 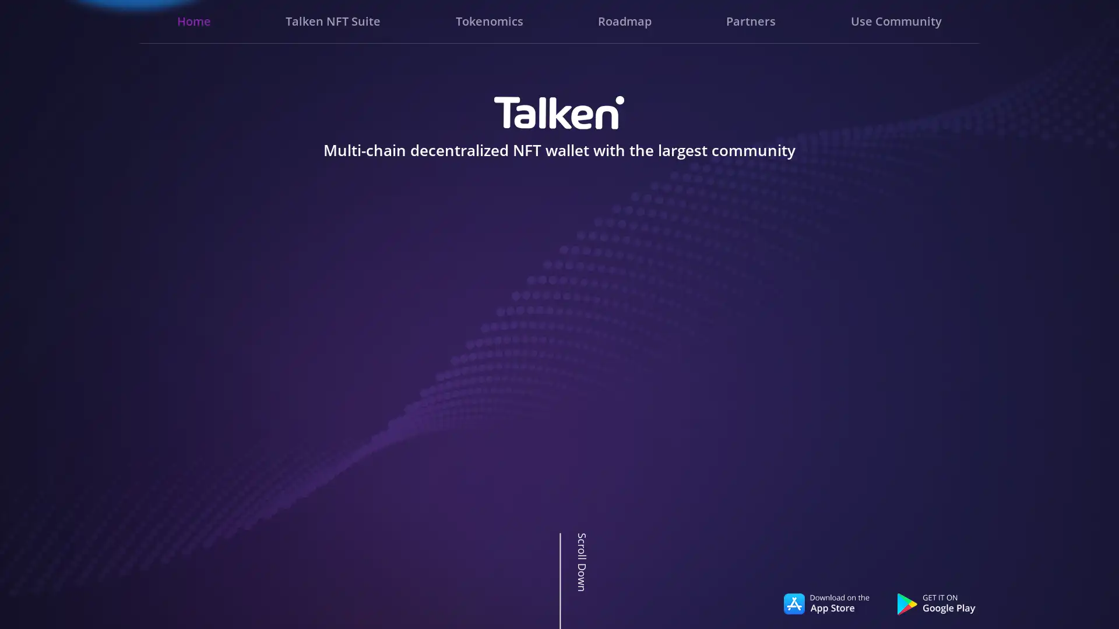 I want to click on Go to slide 1, so click(x=182, y=494).